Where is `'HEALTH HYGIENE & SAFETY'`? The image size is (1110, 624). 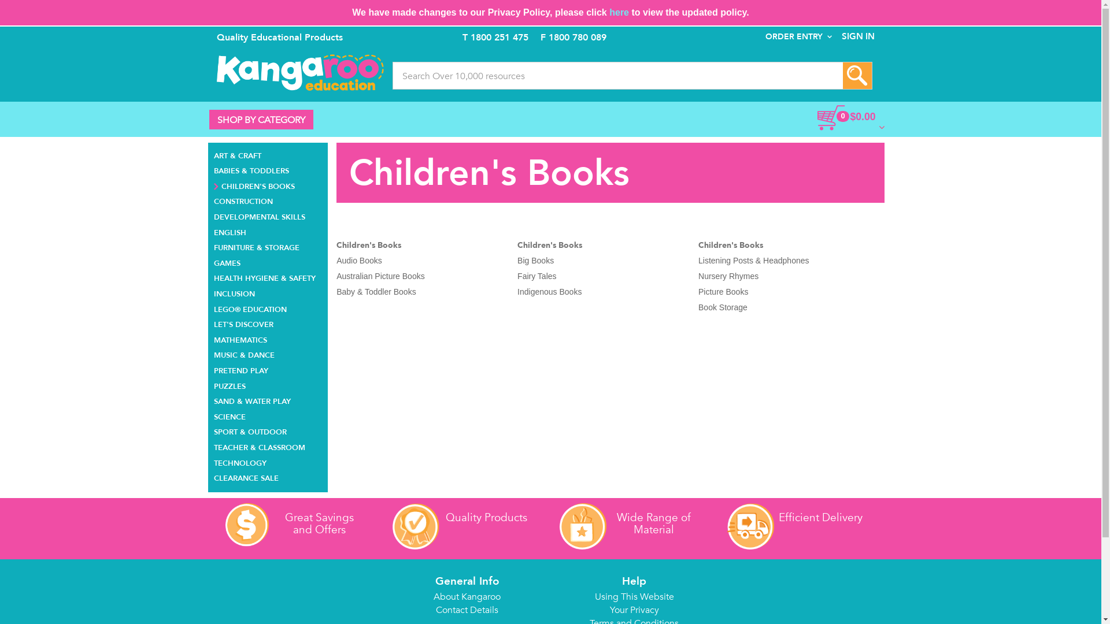
'HEALTH HYGIENE & SAFETY' is located at coordinates (213, 277).